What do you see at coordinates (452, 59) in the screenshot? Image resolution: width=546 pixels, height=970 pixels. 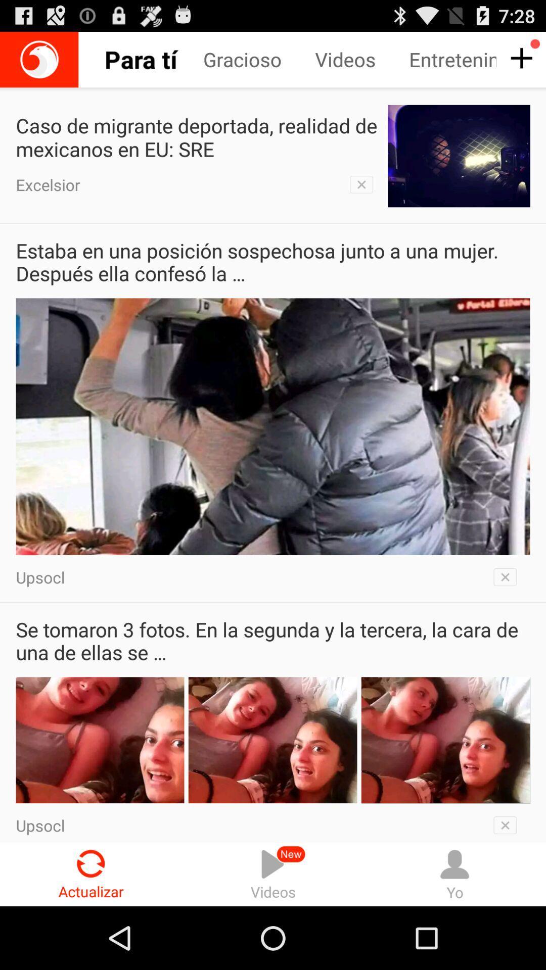 I see `the entretenimiento icon` at bounding box center [452, 59].